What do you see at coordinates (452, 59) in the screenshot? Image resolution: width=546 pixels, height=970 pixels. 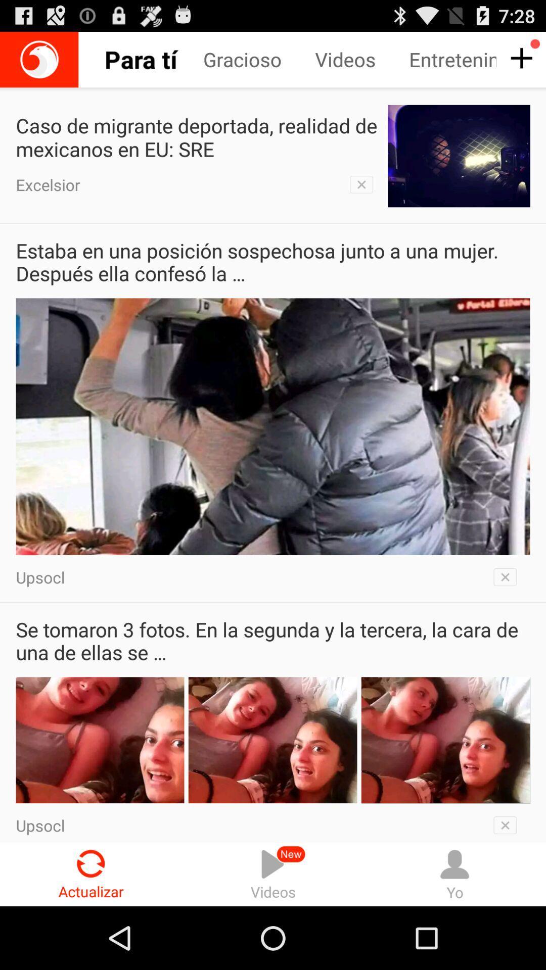 I see `the entretenimiento icon` at bounding box center [452, 59].